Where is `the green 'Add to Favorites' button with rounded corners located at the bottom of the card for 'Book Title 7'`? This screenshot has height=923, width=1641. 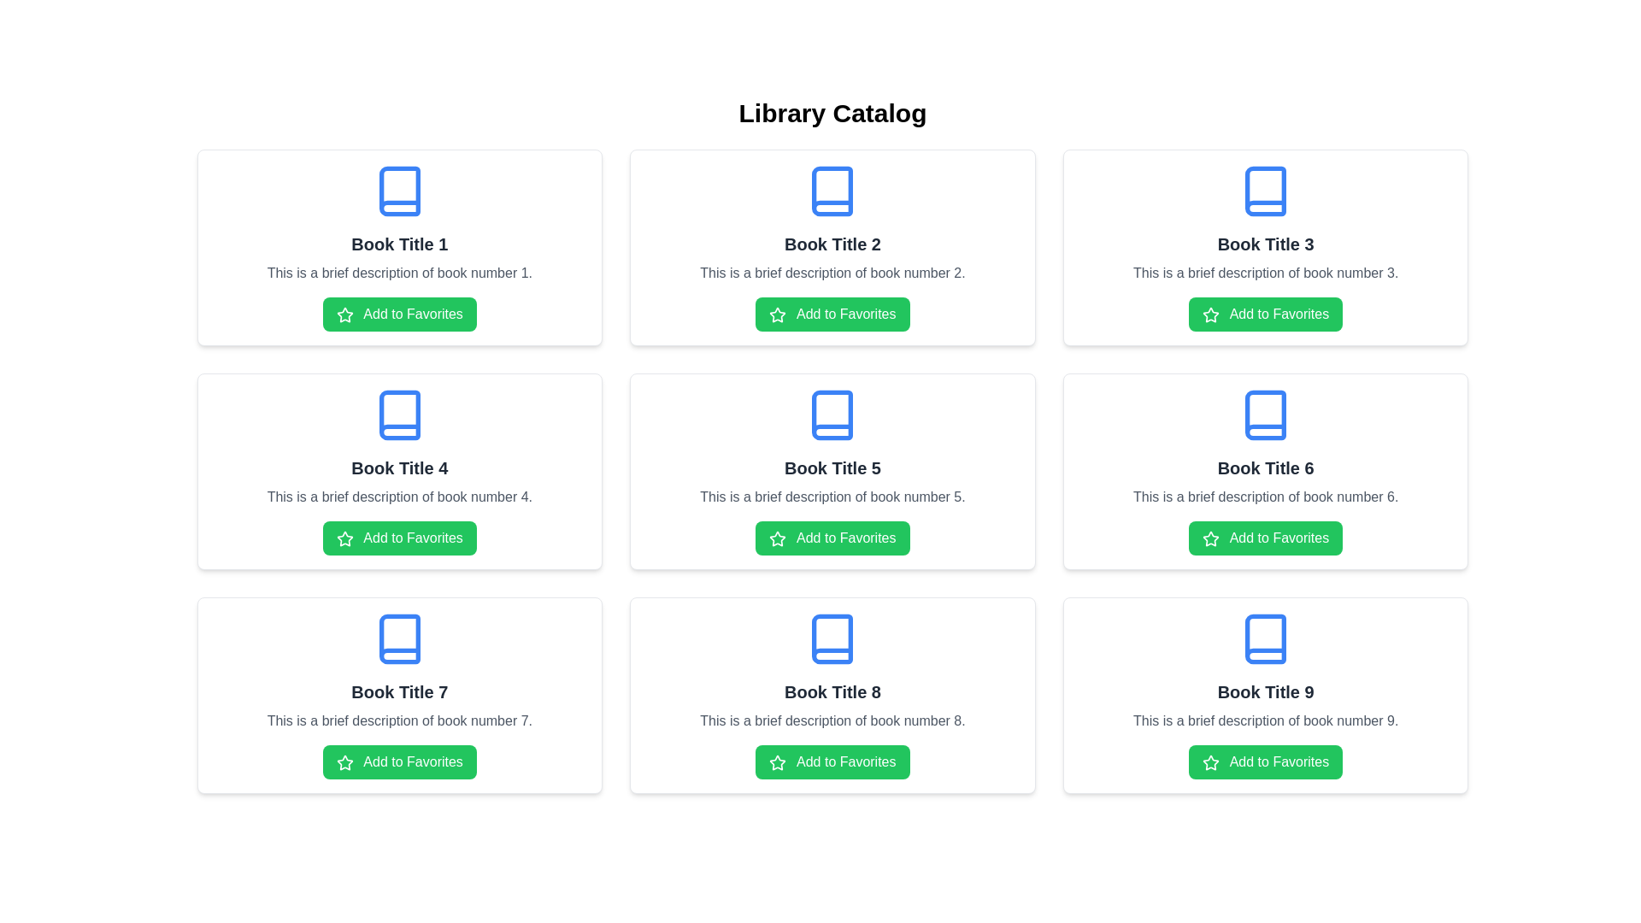
the green 'Add to Favorites' button with rounded corners located at the bottom of the card for 'Book Title 7' is located at coordinates (398, 761).